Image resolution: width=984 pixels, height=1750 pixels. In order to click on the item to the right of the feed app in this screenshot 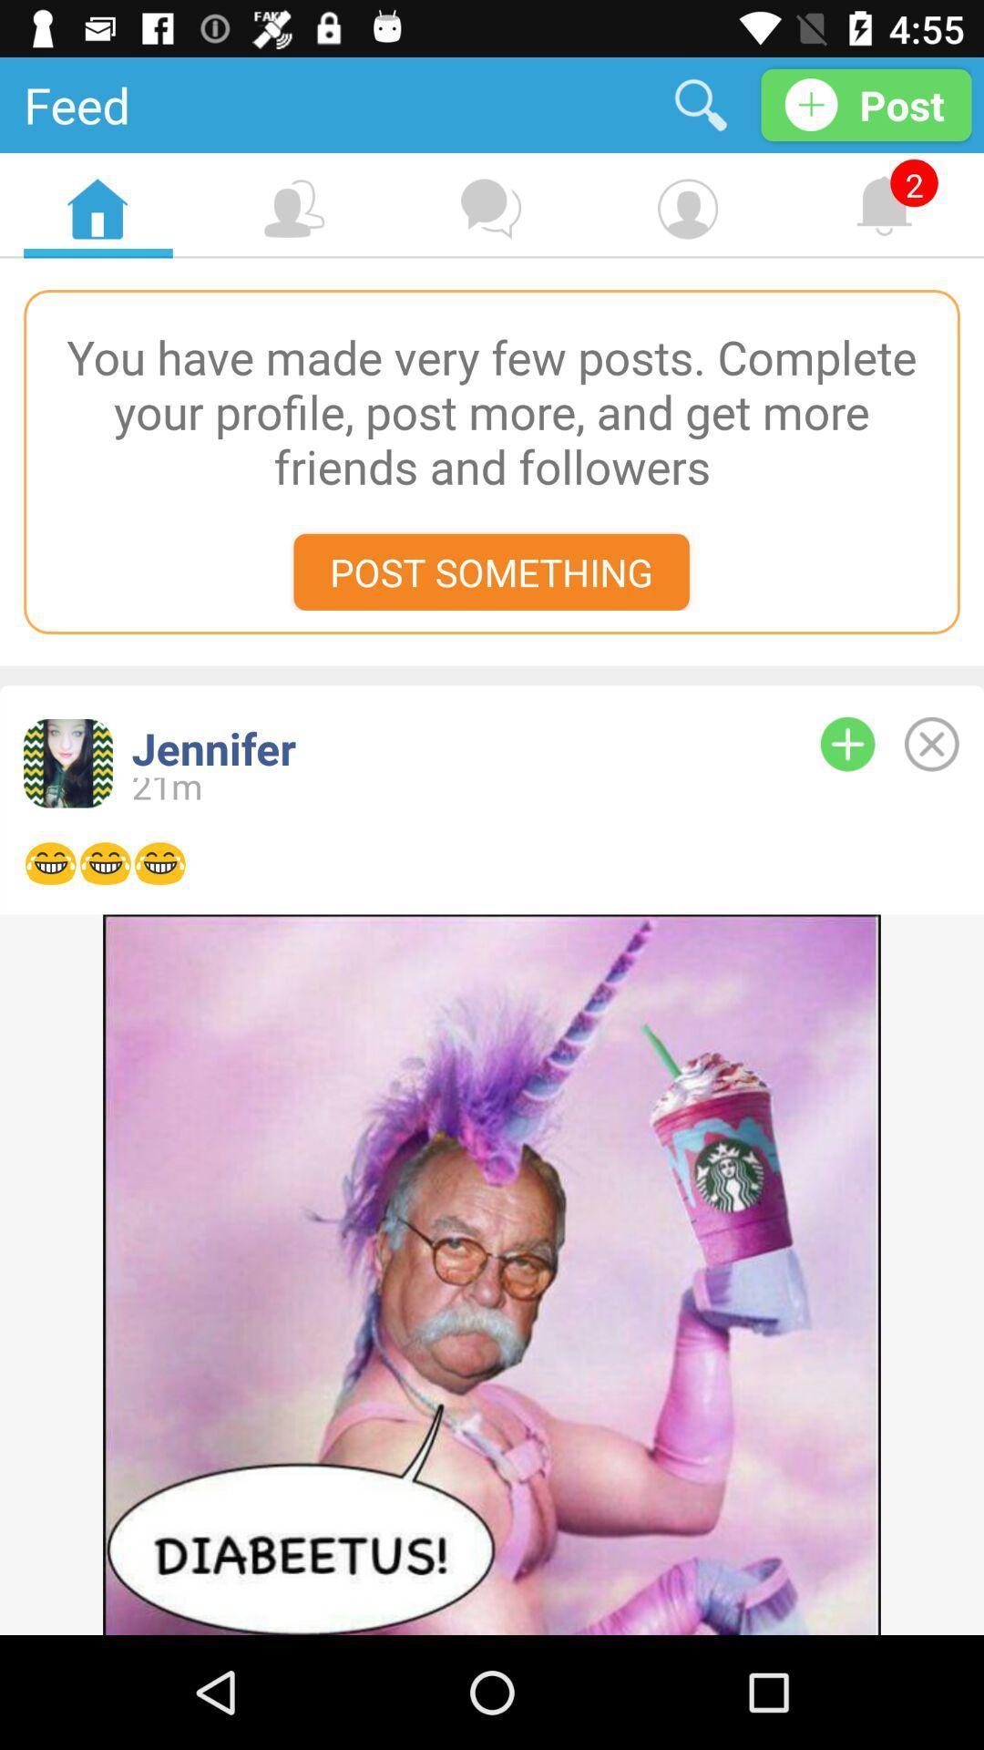, I will do `click(700, 104)`.